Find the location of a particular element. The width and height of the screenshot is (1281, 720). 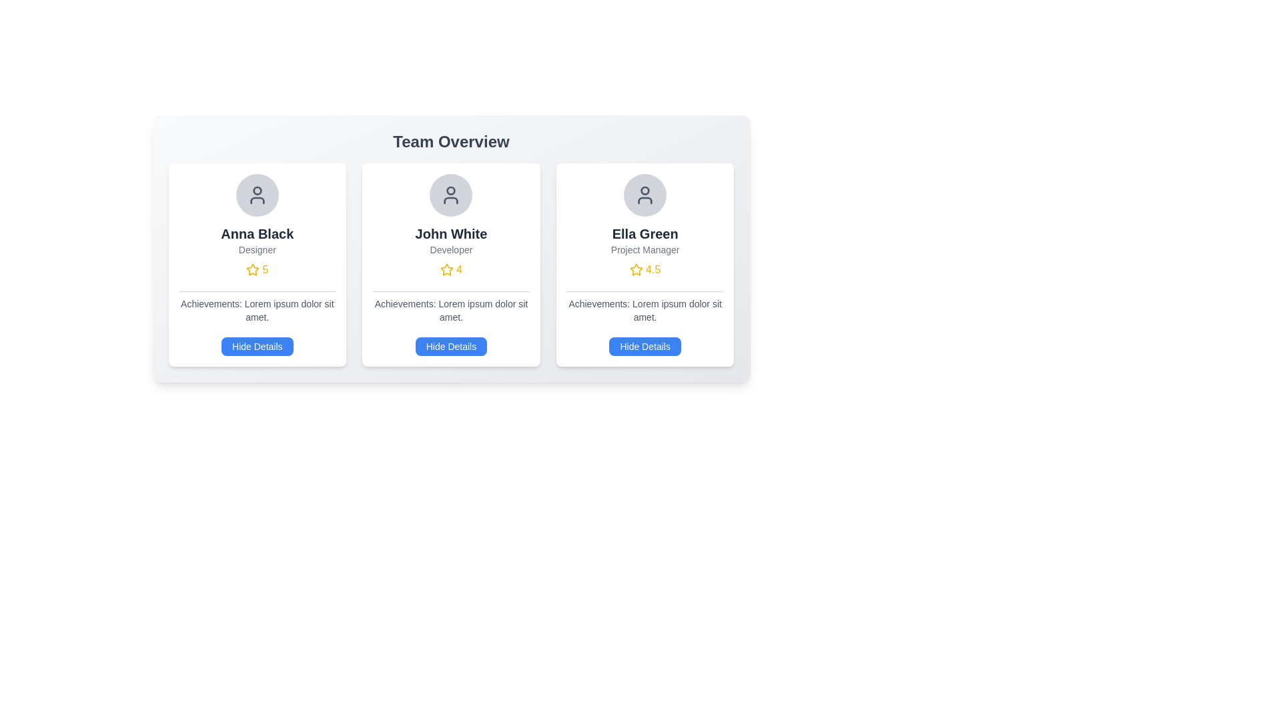

the profile avatar icon representing 'Ella Green', located at the top of the third team member card under the 'Project Manager' designation is located at coordinates (645, 195).